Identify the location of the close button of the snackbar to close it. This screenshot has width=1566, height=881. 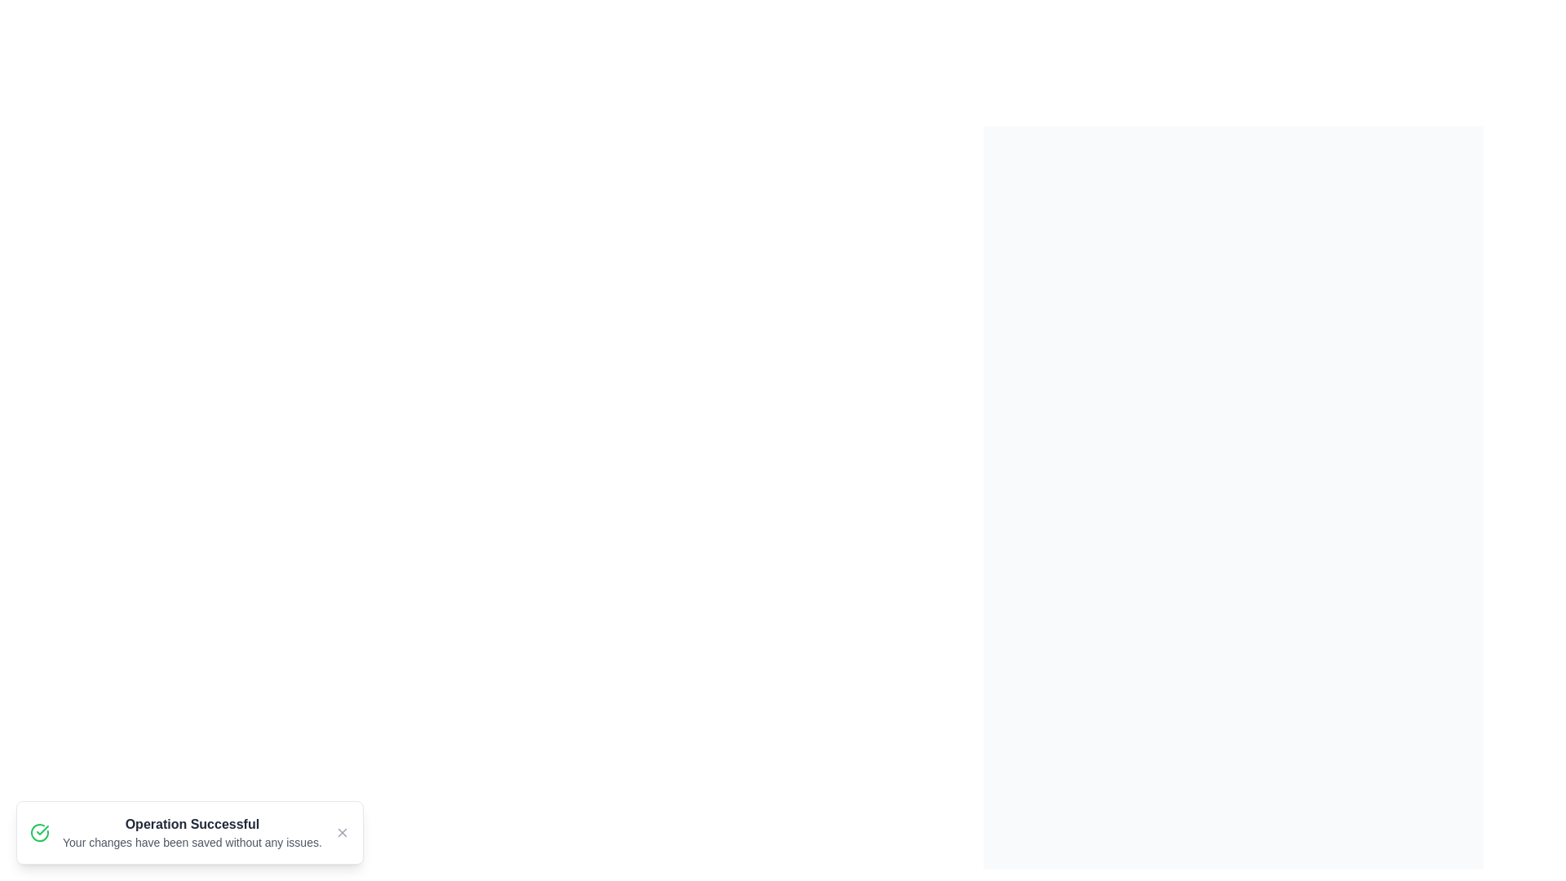
(341, 833).